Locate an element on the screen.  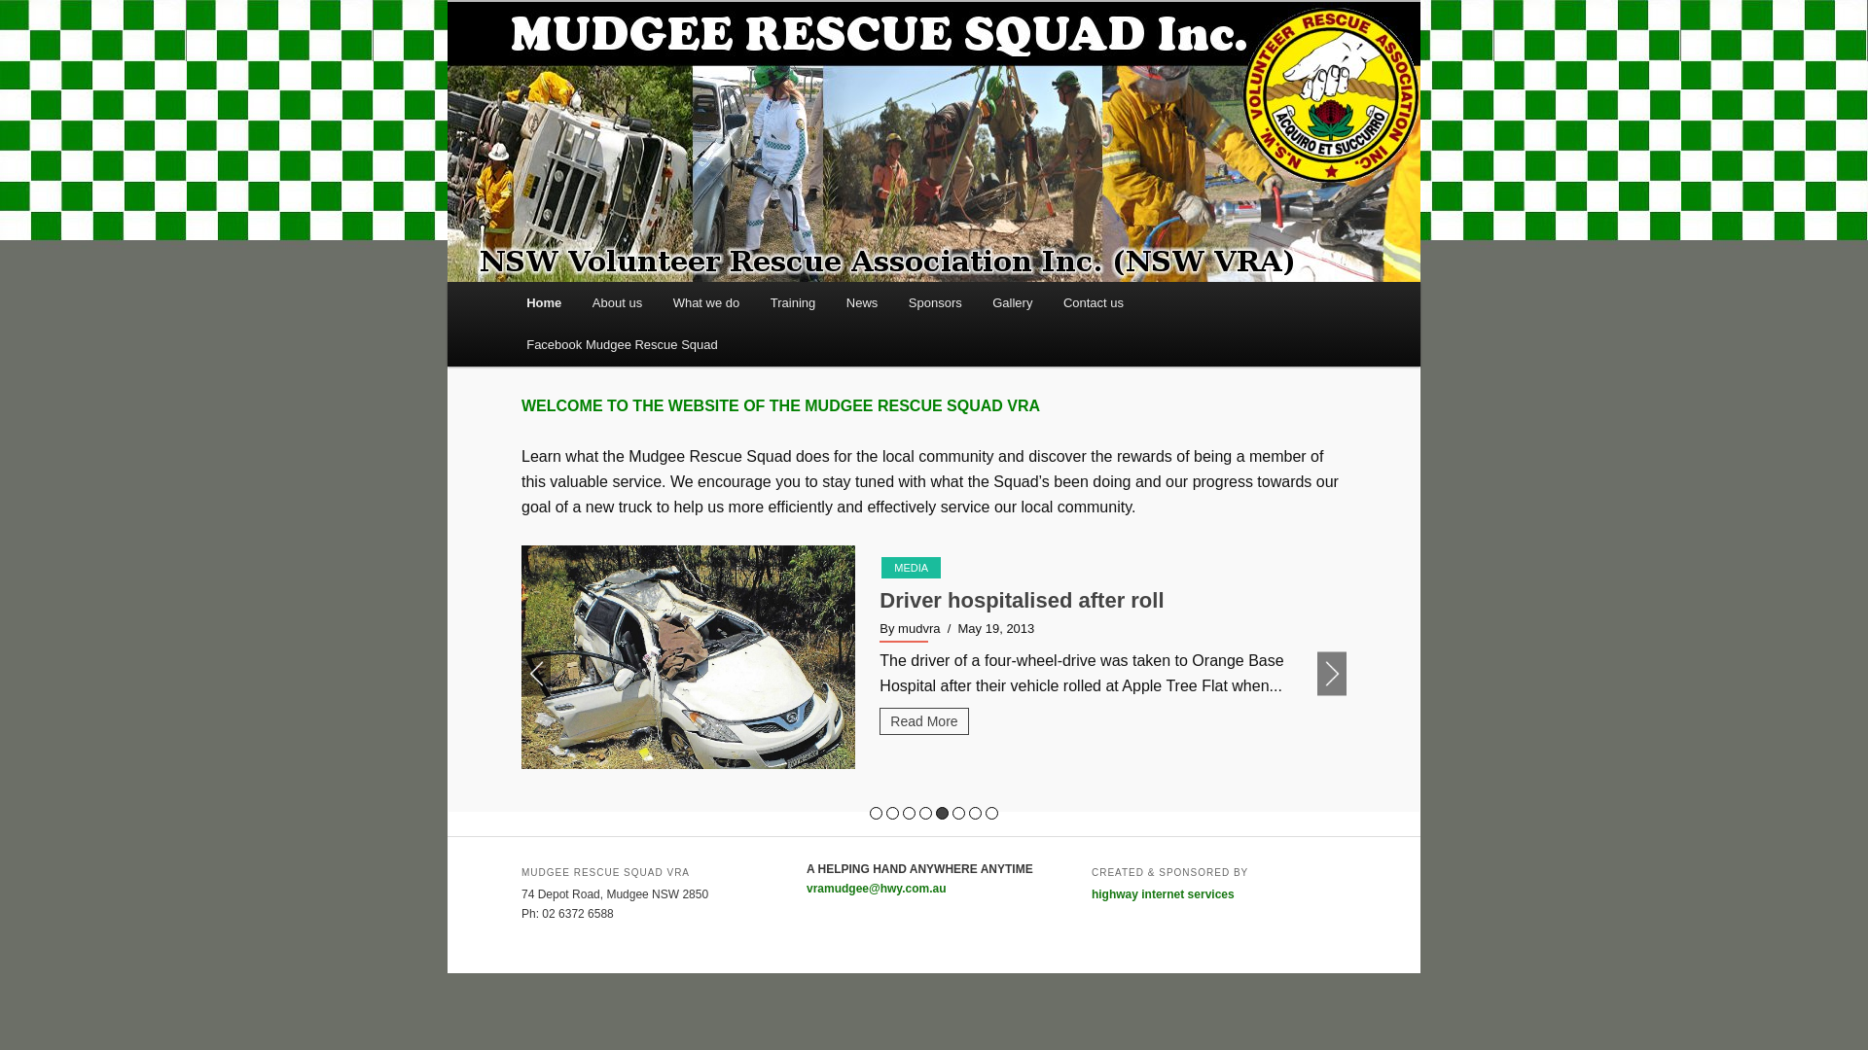
'7' is located at coordinates (975, 813).